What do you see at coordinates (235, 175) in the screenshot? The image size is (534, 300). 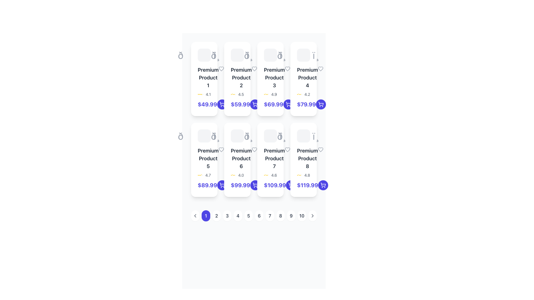 I see `the gray star icon representing the fifth star in the 5-star rating system for 'Premium Product 6', located in the second row beneath the product name and near the numerical rating '4.0'` at bounding box center [235, 175].